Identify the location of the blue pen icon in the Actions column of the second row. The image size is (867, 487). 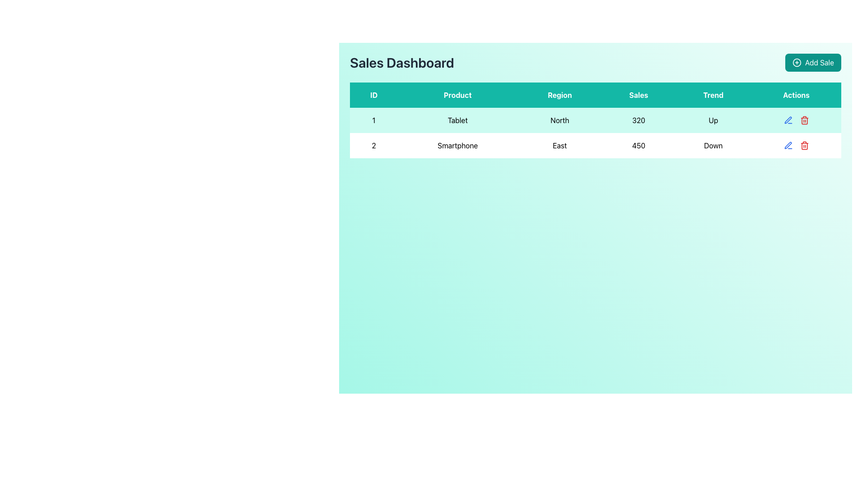
(788, 119).